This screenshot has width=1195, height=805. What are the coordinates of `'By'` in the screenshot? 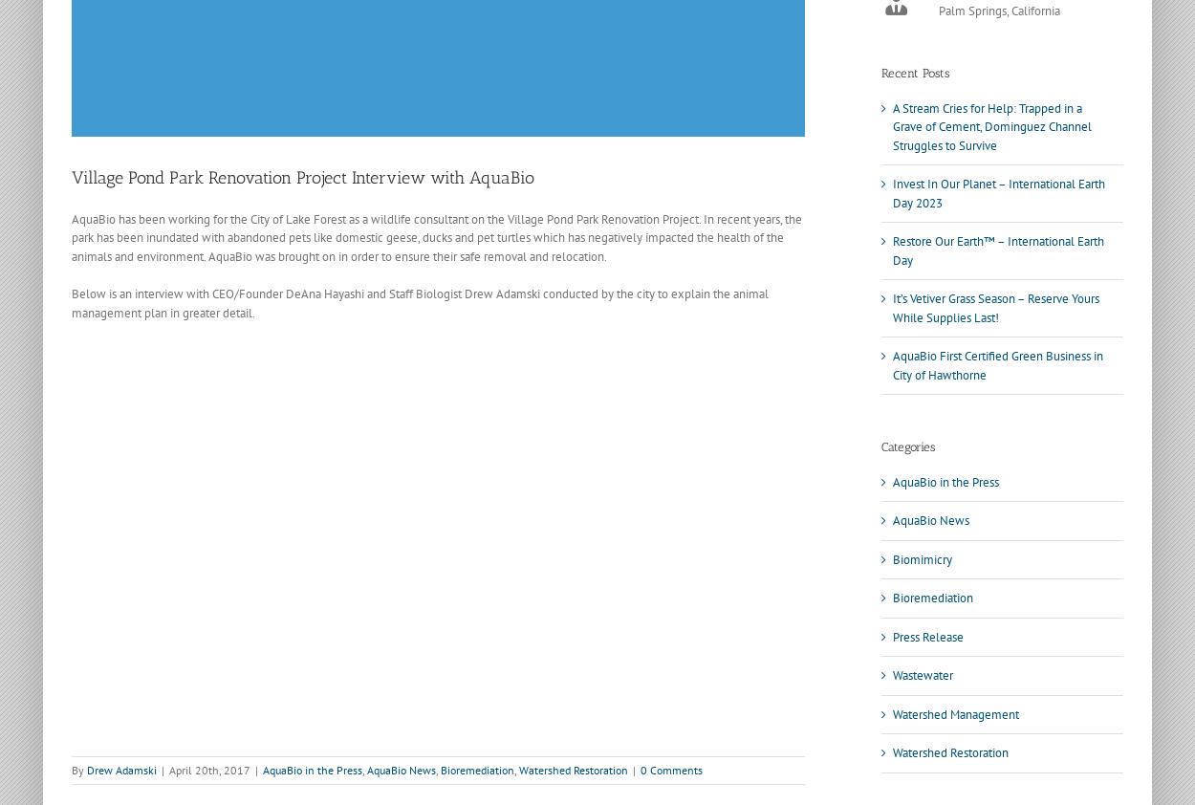 It's located at (78, 770).